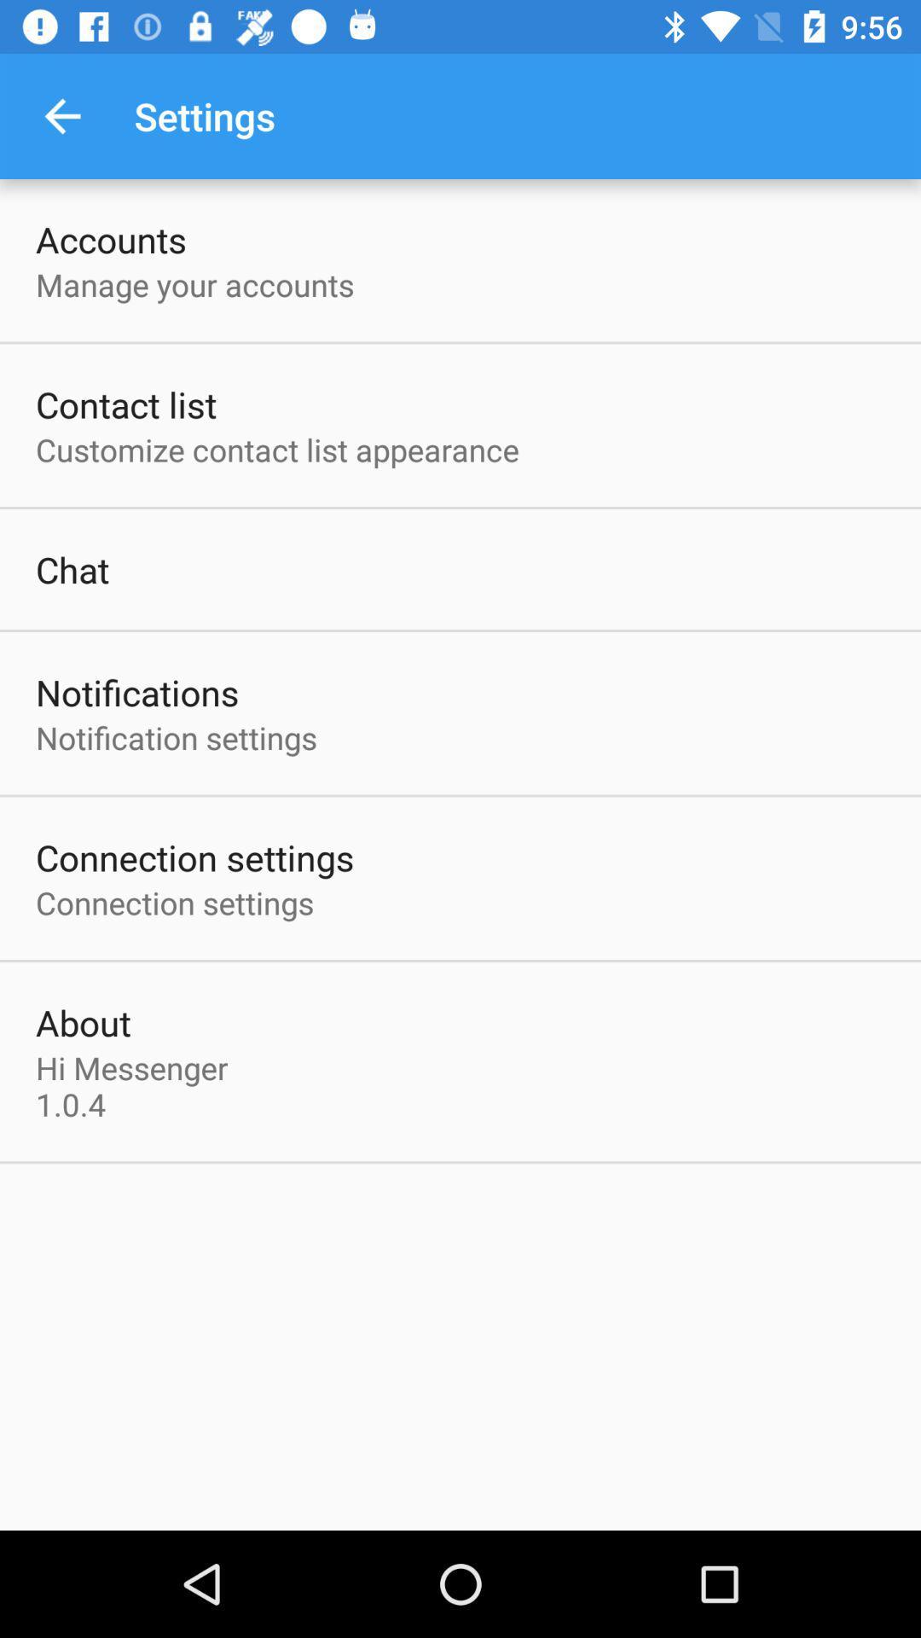 The height and width of the screenshot is (1638, 921). What do you see at coordinates (136, 692) in the screenshot?
I see `the notifications` at bounding box center [136, 692].